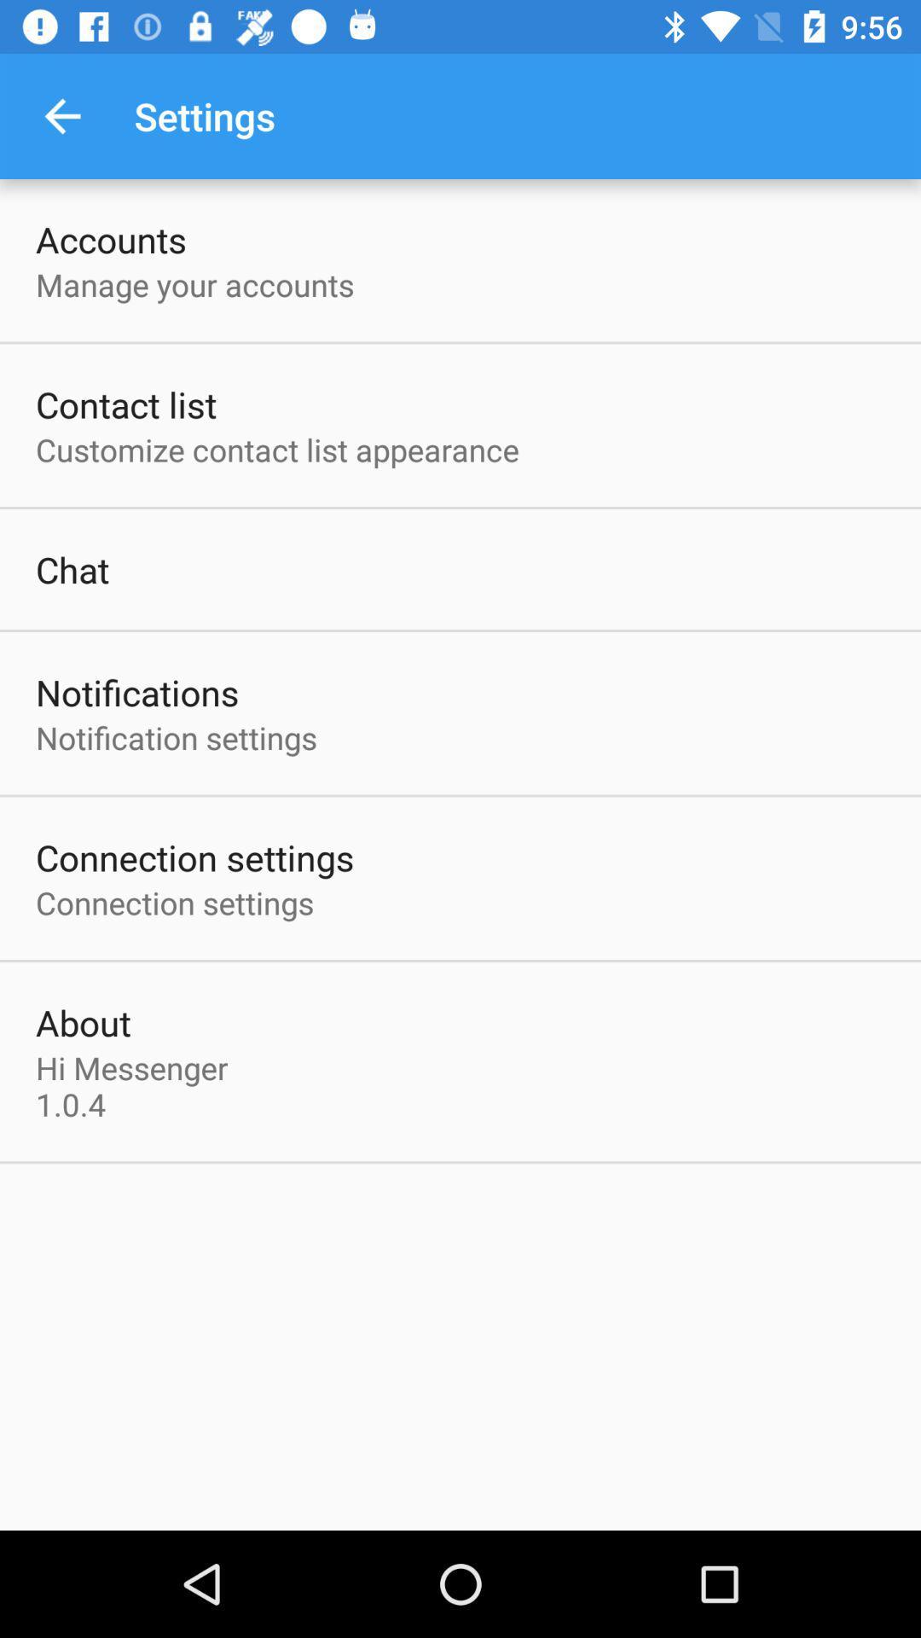 The height and width of the screenshot is (1638, 921). What do you see at coordinates (136, 692) in the screenshot?
I see `the notifications` at bounding box center [136, 692].